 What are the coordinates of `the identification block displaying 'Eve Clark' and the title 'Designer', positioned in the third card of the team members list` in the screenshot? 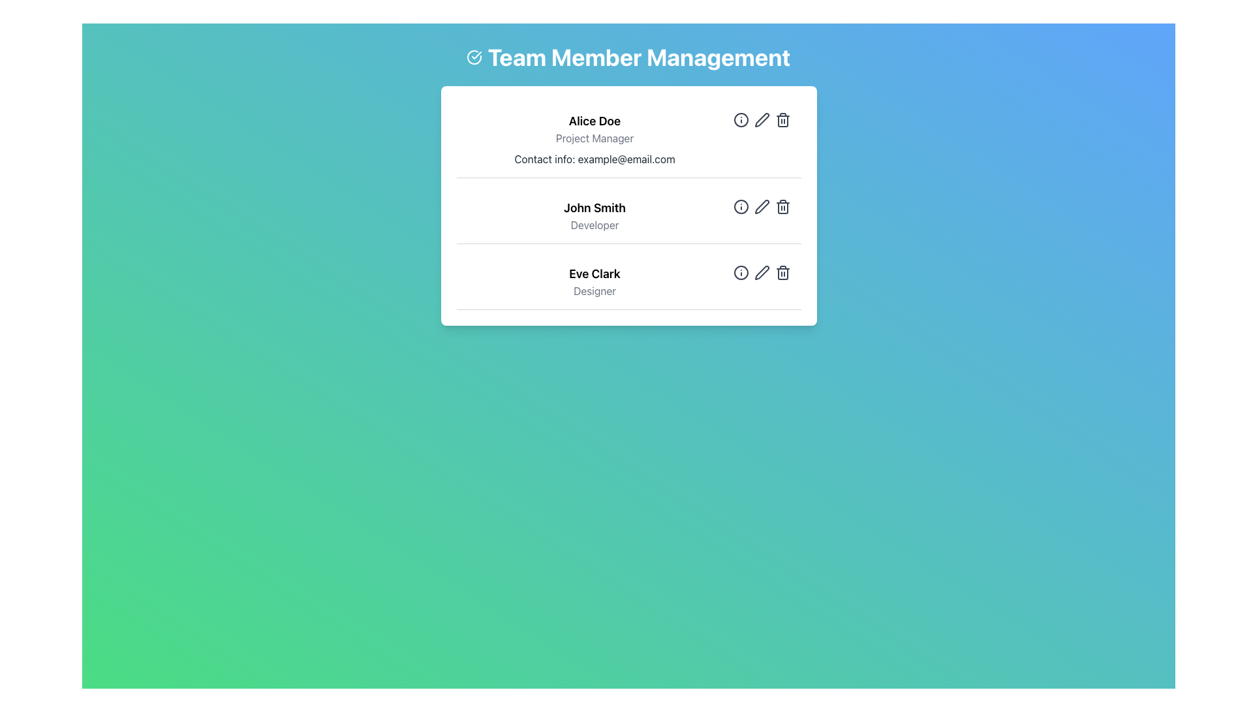 It's located at (594, 281).